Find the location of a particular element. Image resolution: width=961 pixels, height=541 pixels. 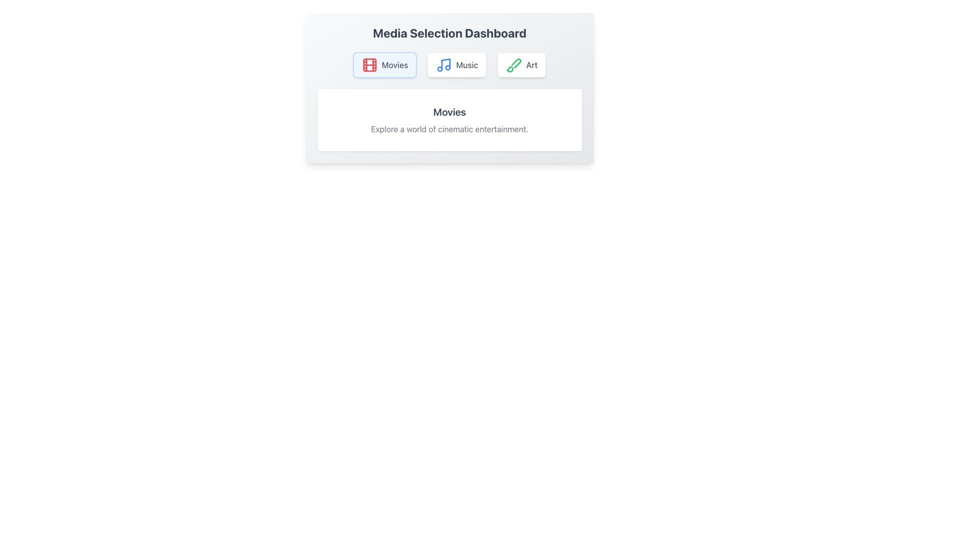

the 'Movies' button, which features a film reel icon and is positioned on the left side of a group of three buttons in the Media Selection Dashboard is located at coordinates (384, 65).